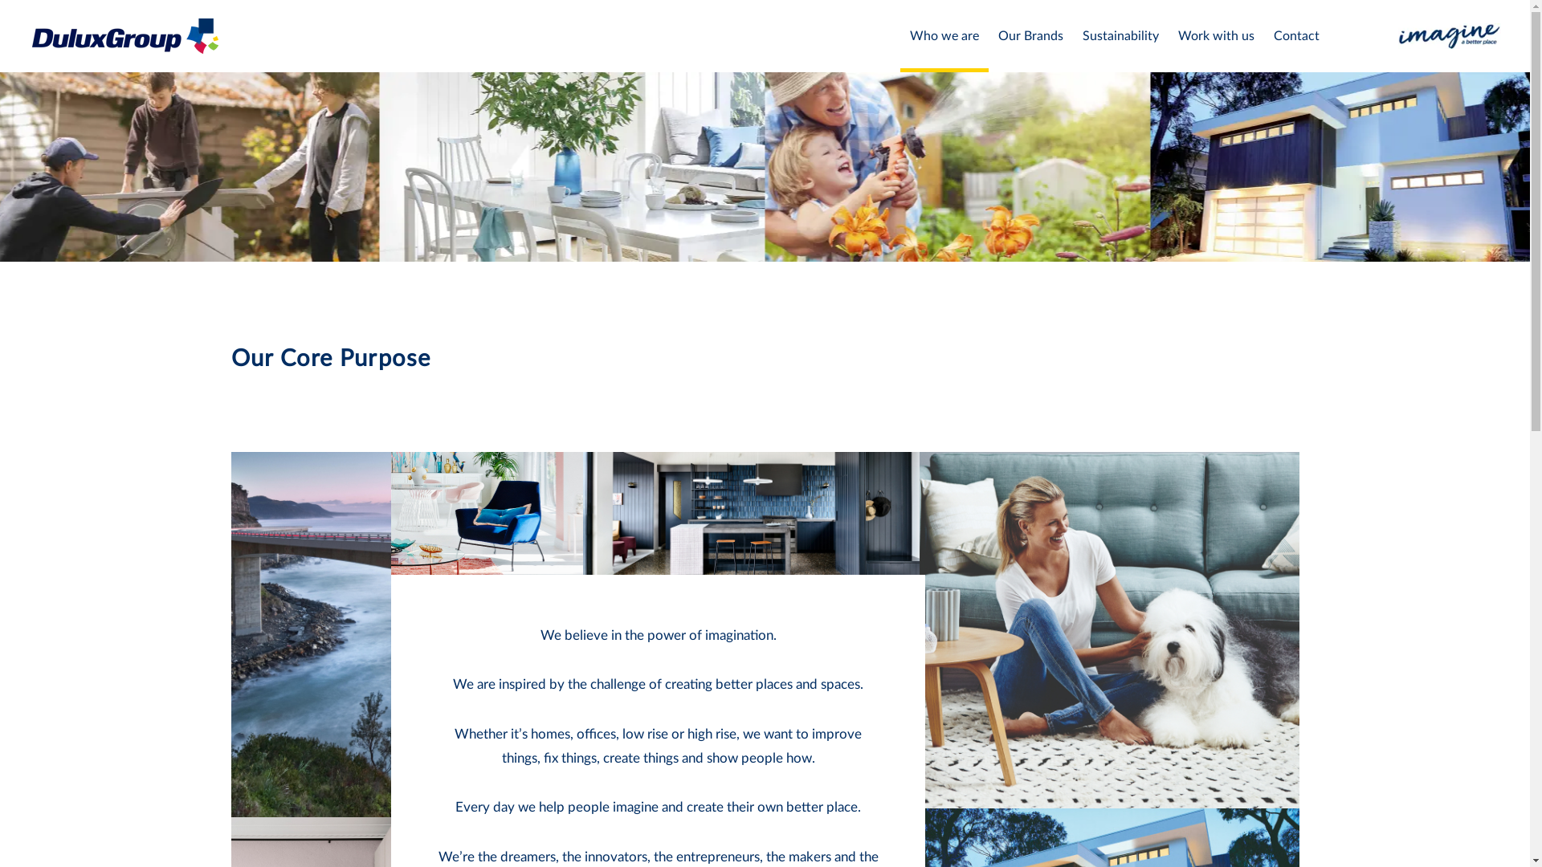 The image size is (1542, 867). Describe the element at coordinates (944, 36) in the screenshot. I see `'Who we are'` at that location.